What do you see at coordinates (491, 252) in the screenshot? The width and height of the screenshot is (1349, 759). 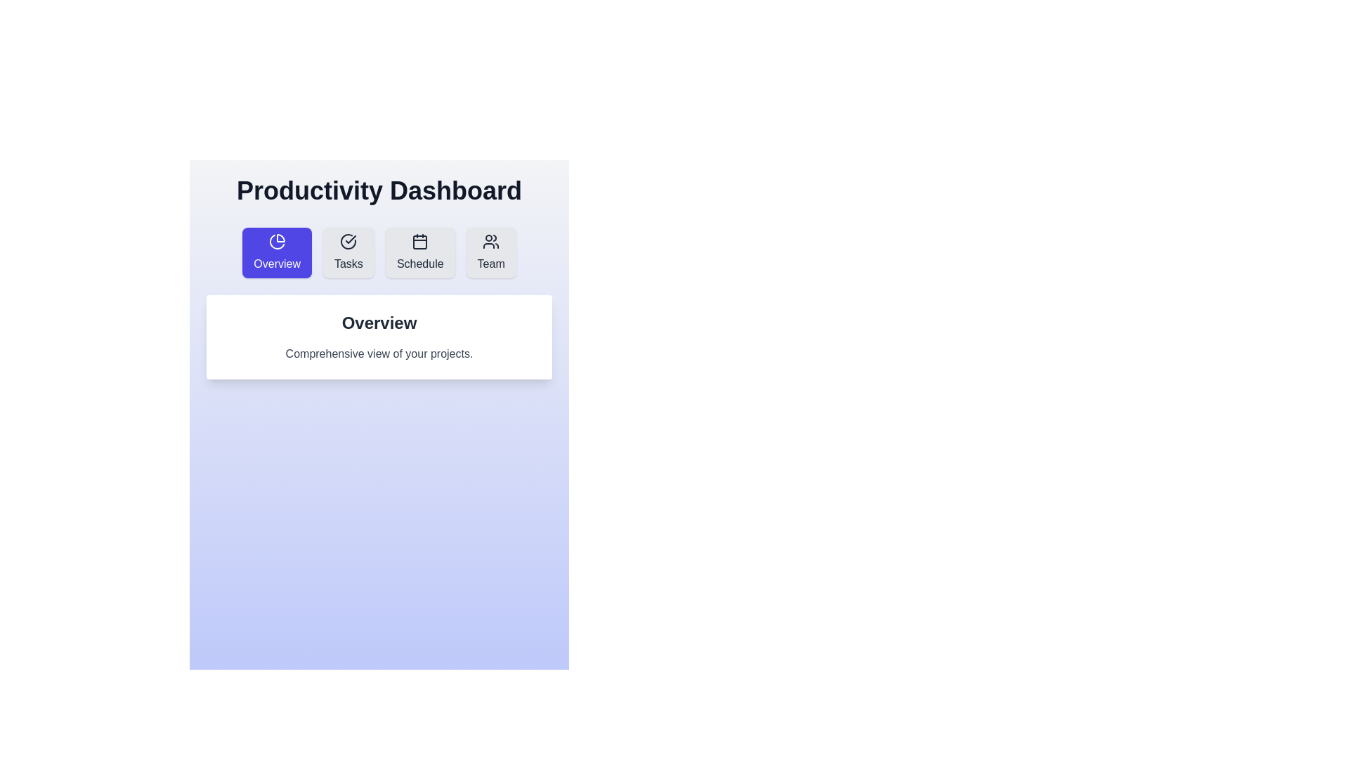 I see `the navigation button labeled 'Team' to observe the visual effect` at bounding box center [491, 252].